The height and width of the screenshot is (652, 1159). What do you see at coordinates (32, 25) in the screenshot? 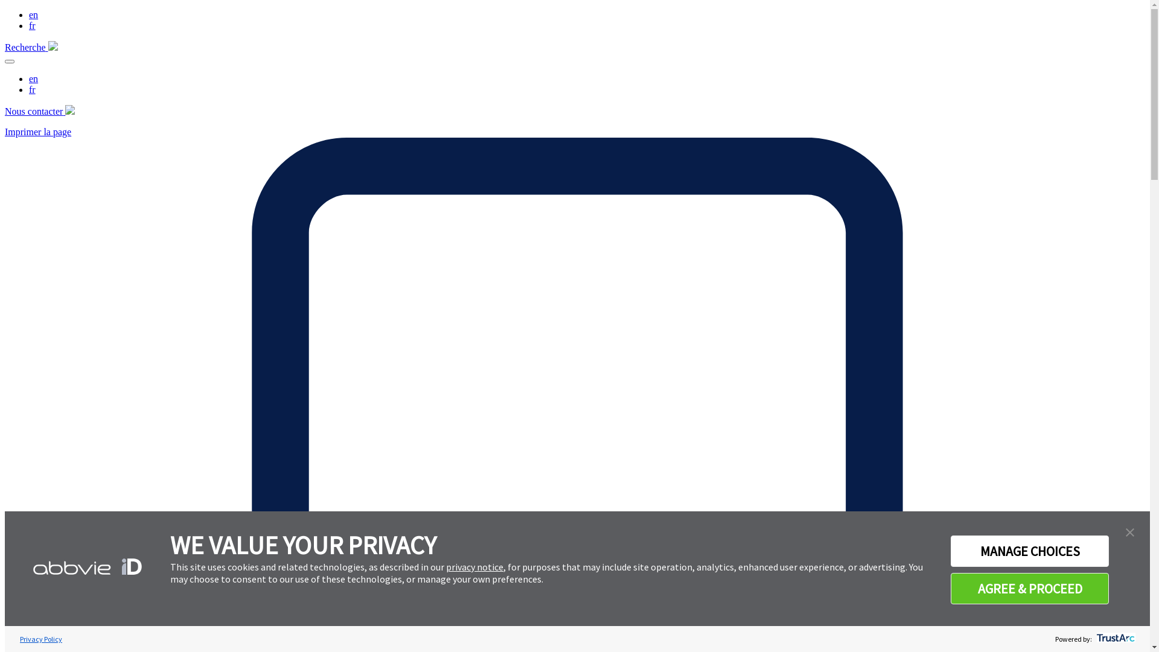
I see `'fr'` at bounding box center [32, 25].